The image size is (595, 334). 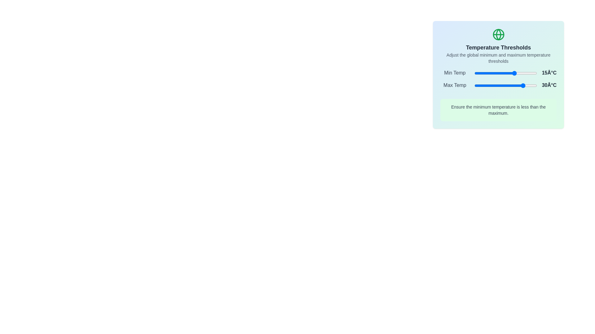 I want to click on the header area containing the icon and title text, so click(x=498, y=46).